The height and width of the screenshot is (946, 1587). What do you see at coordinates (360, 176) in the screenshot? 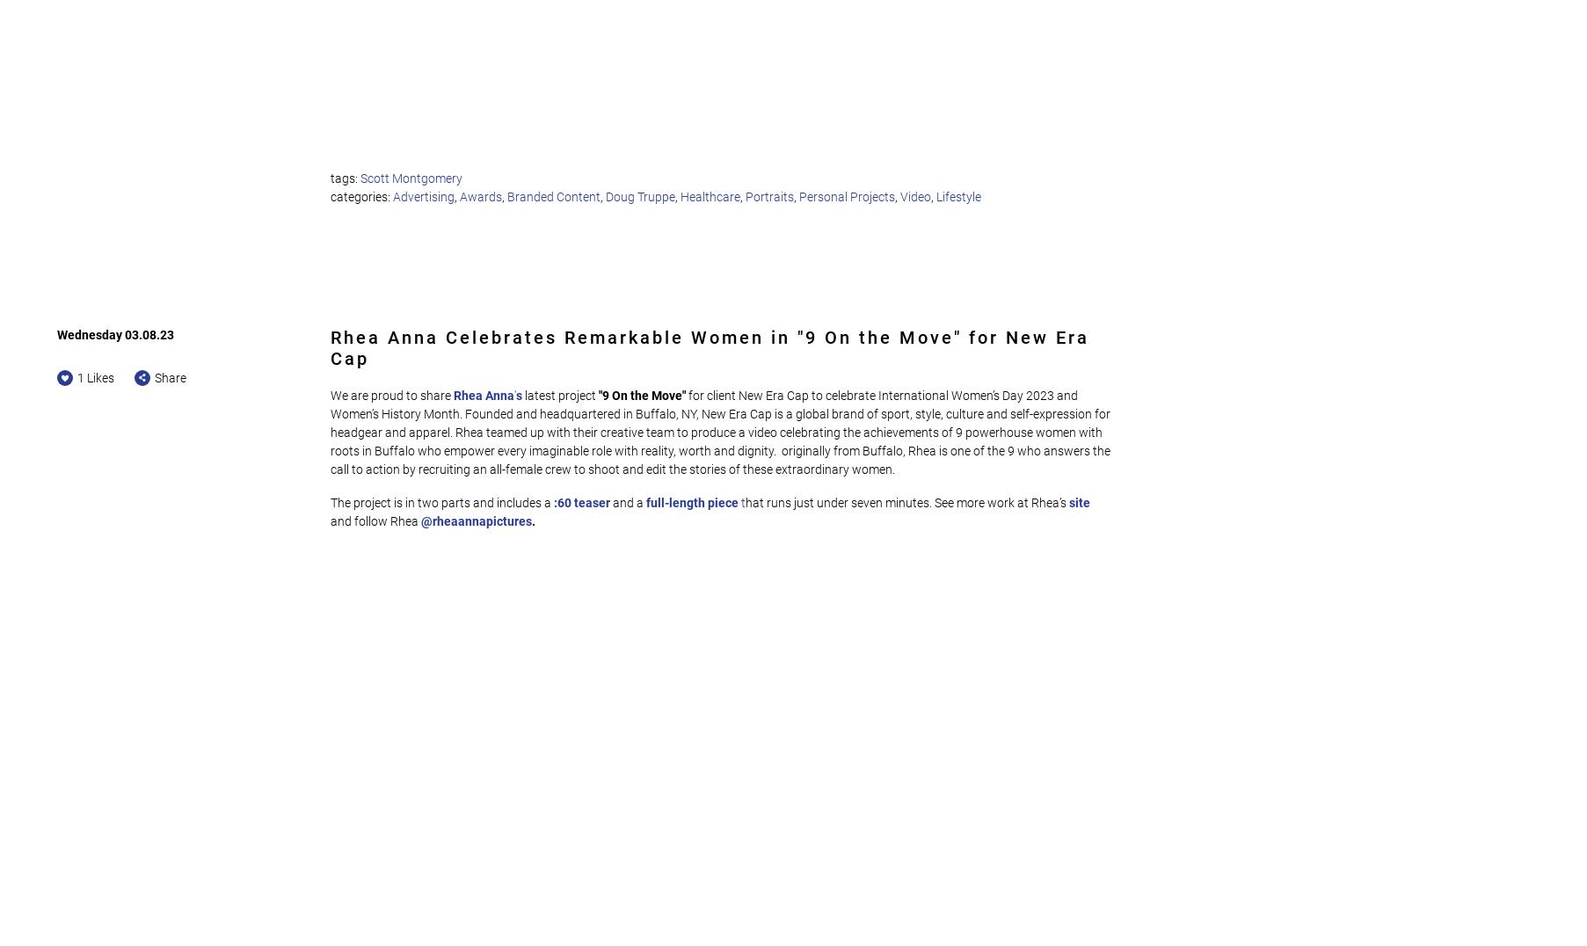
I see `'Scott Montgomery'` at bounding box center [360, 176].